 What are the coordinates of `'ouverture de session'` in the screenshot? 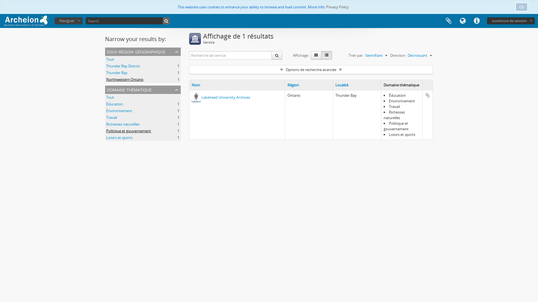 It's located at (486, 20).